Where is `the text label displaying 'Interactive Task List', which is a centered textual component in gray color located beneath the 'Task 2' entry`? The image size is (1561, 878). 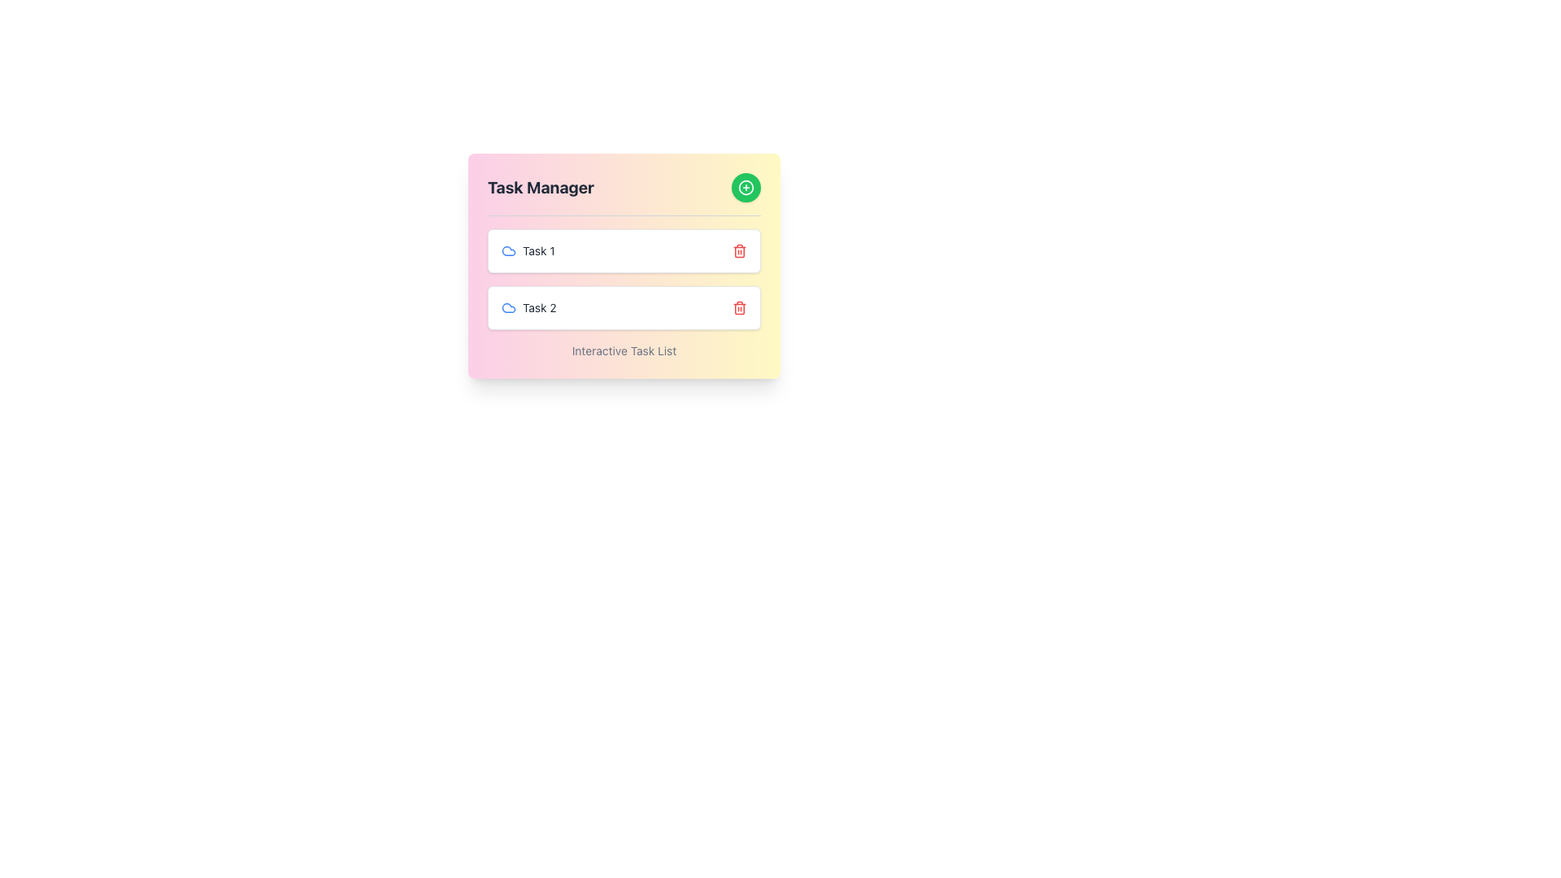
the text label displaying 'Interactive Task List', which is a centered textual component in gray color located beneath the 'Task 2' entry is located at coordinates (624, 350).